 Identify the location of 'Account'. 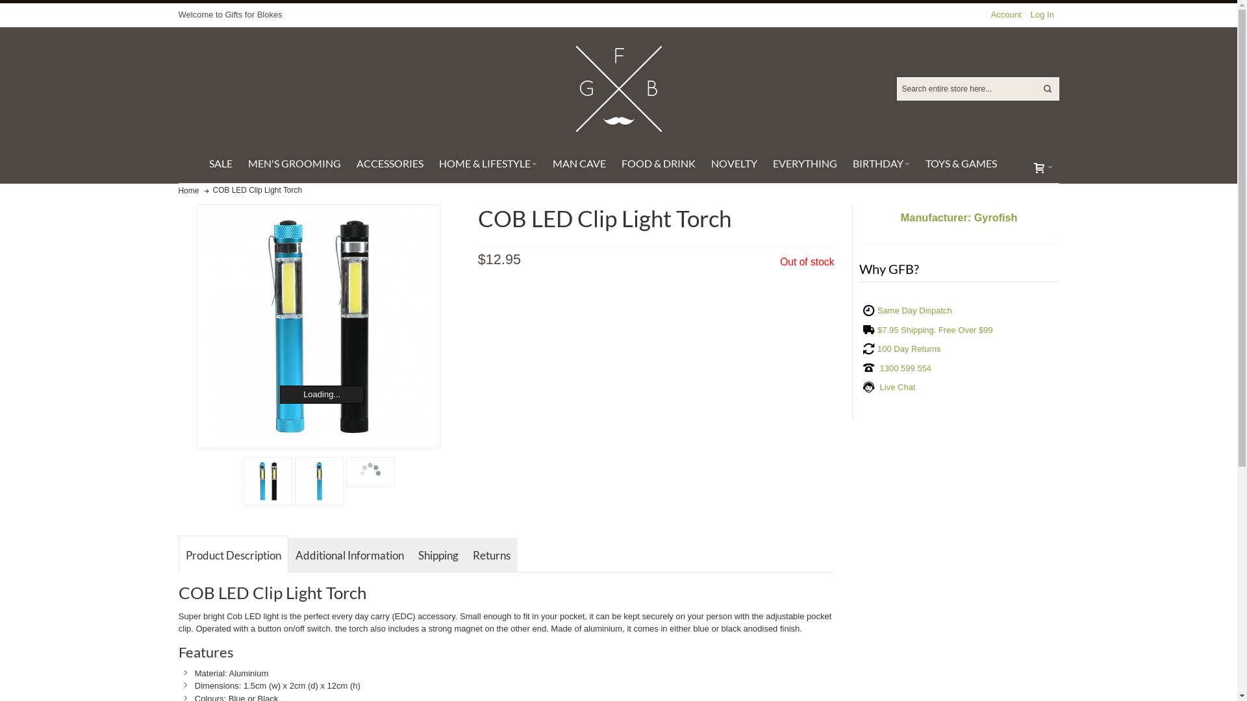
(1005, 15).